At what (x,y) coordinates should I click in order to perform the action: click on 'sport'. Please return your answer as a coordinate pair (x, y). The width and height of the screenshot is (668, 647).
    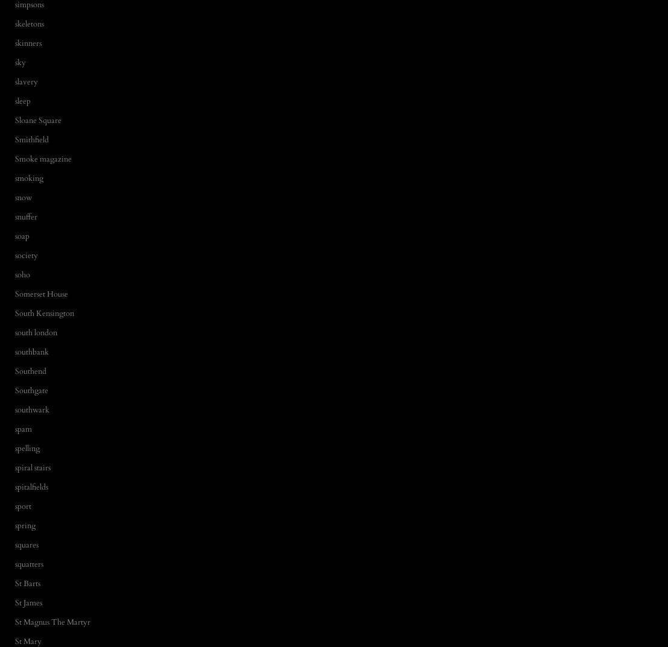
    Looking at the image, I should click on (23, 505).